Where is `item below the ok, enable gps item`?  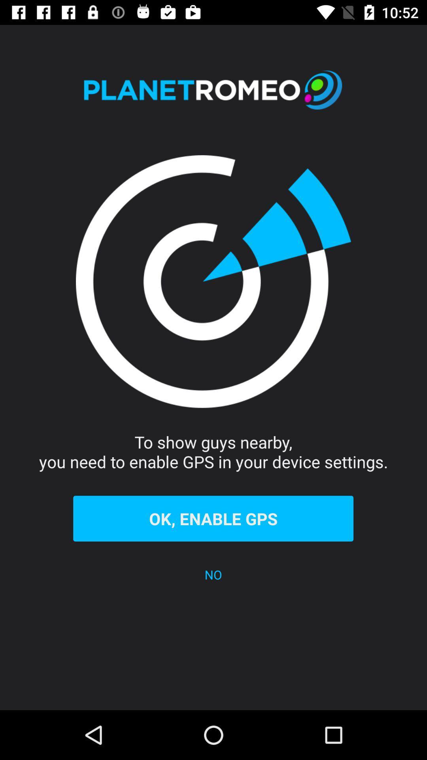 item below the ok, enable gps item is located at coordinates (213, 574).